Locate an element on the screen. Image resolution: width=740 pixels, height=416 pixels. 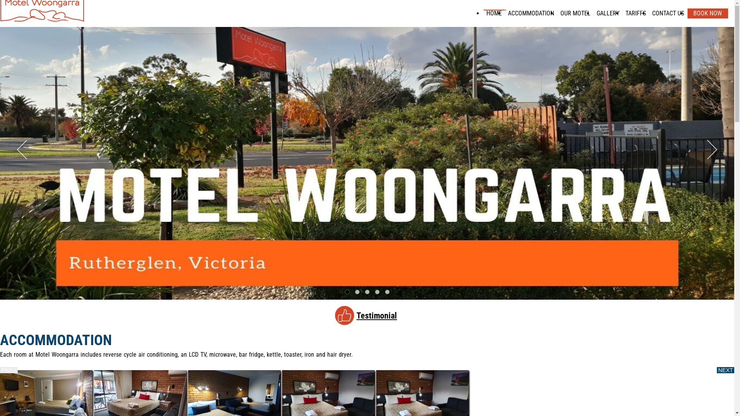
'HOME' is located at coordinates (483, 13).